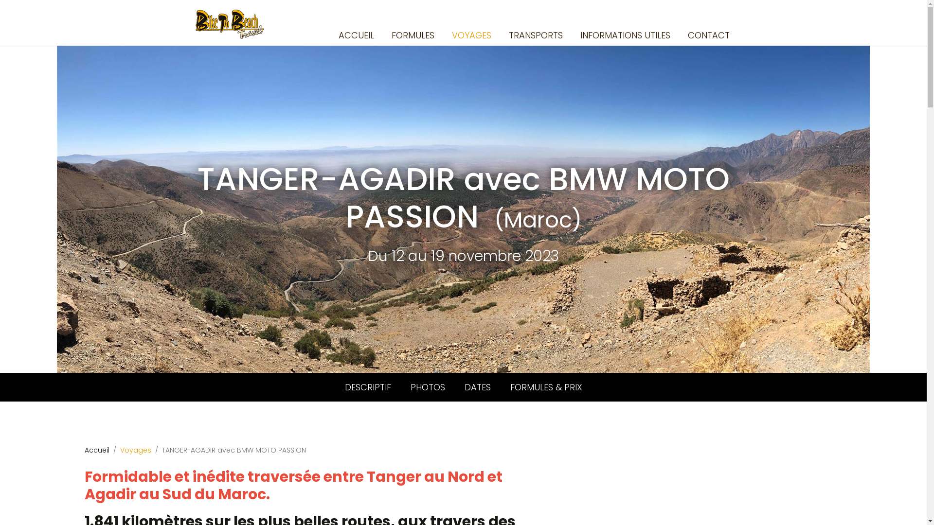 Image resolution: width=934 pixels, height=525 pixels. Describe the element at coordinates (367, 386) in the screenshot. I see `'DESCRIPTIF'` at that location.